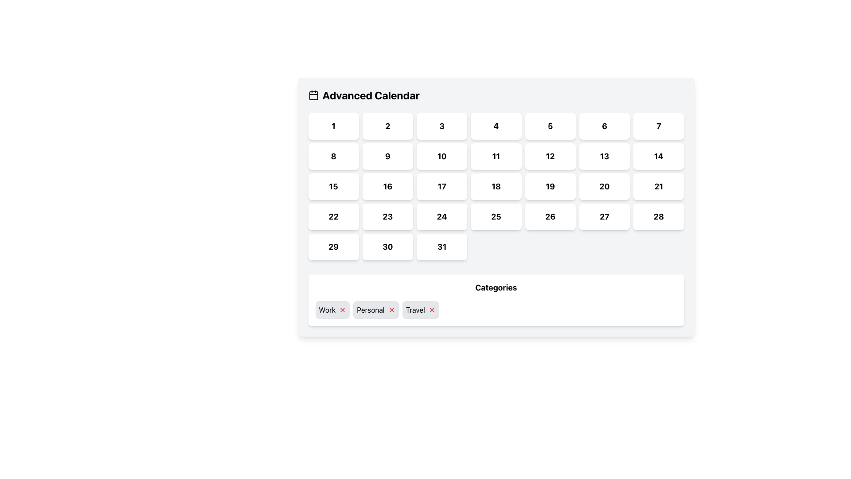 Image resolution: width=851 pixels, height=479 pixels. I want to click on the bold number '15' label located in the second row, sixth column of the calendar interface, which is styled in a larger font size and has a shadow effect, so click(333, 186).